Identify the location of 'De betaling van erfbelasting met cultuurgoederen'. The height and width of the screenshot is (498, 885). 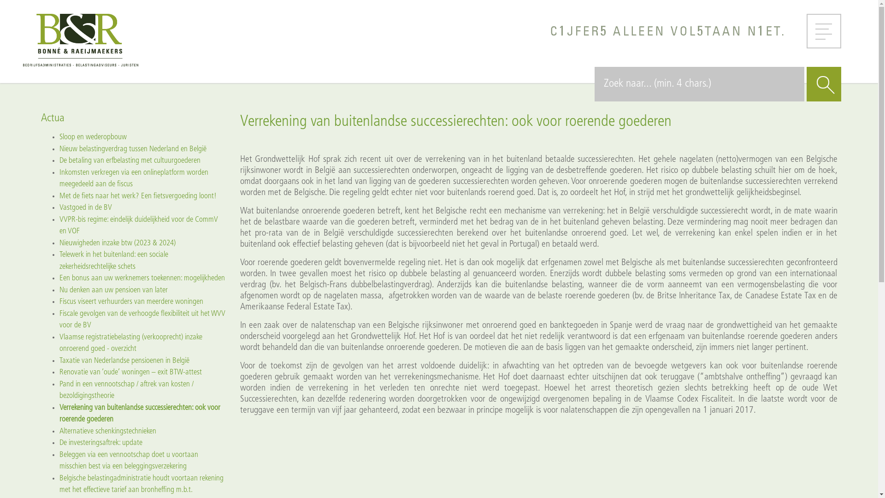
(129, 160).